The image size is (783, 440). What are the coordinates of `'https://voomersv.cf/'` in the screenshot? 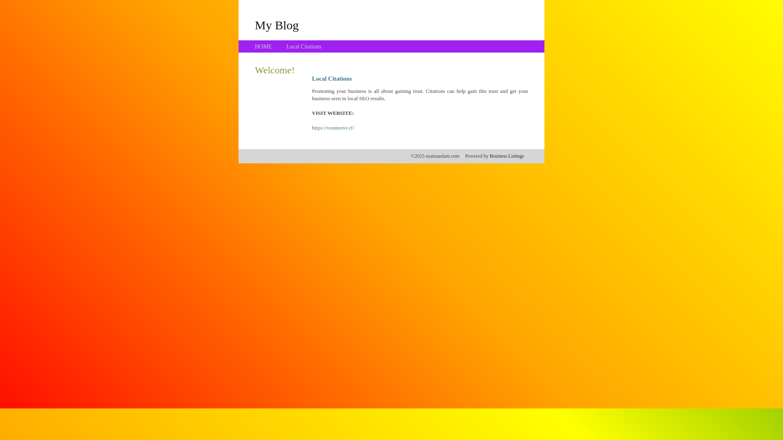 It's located at (333, 128).